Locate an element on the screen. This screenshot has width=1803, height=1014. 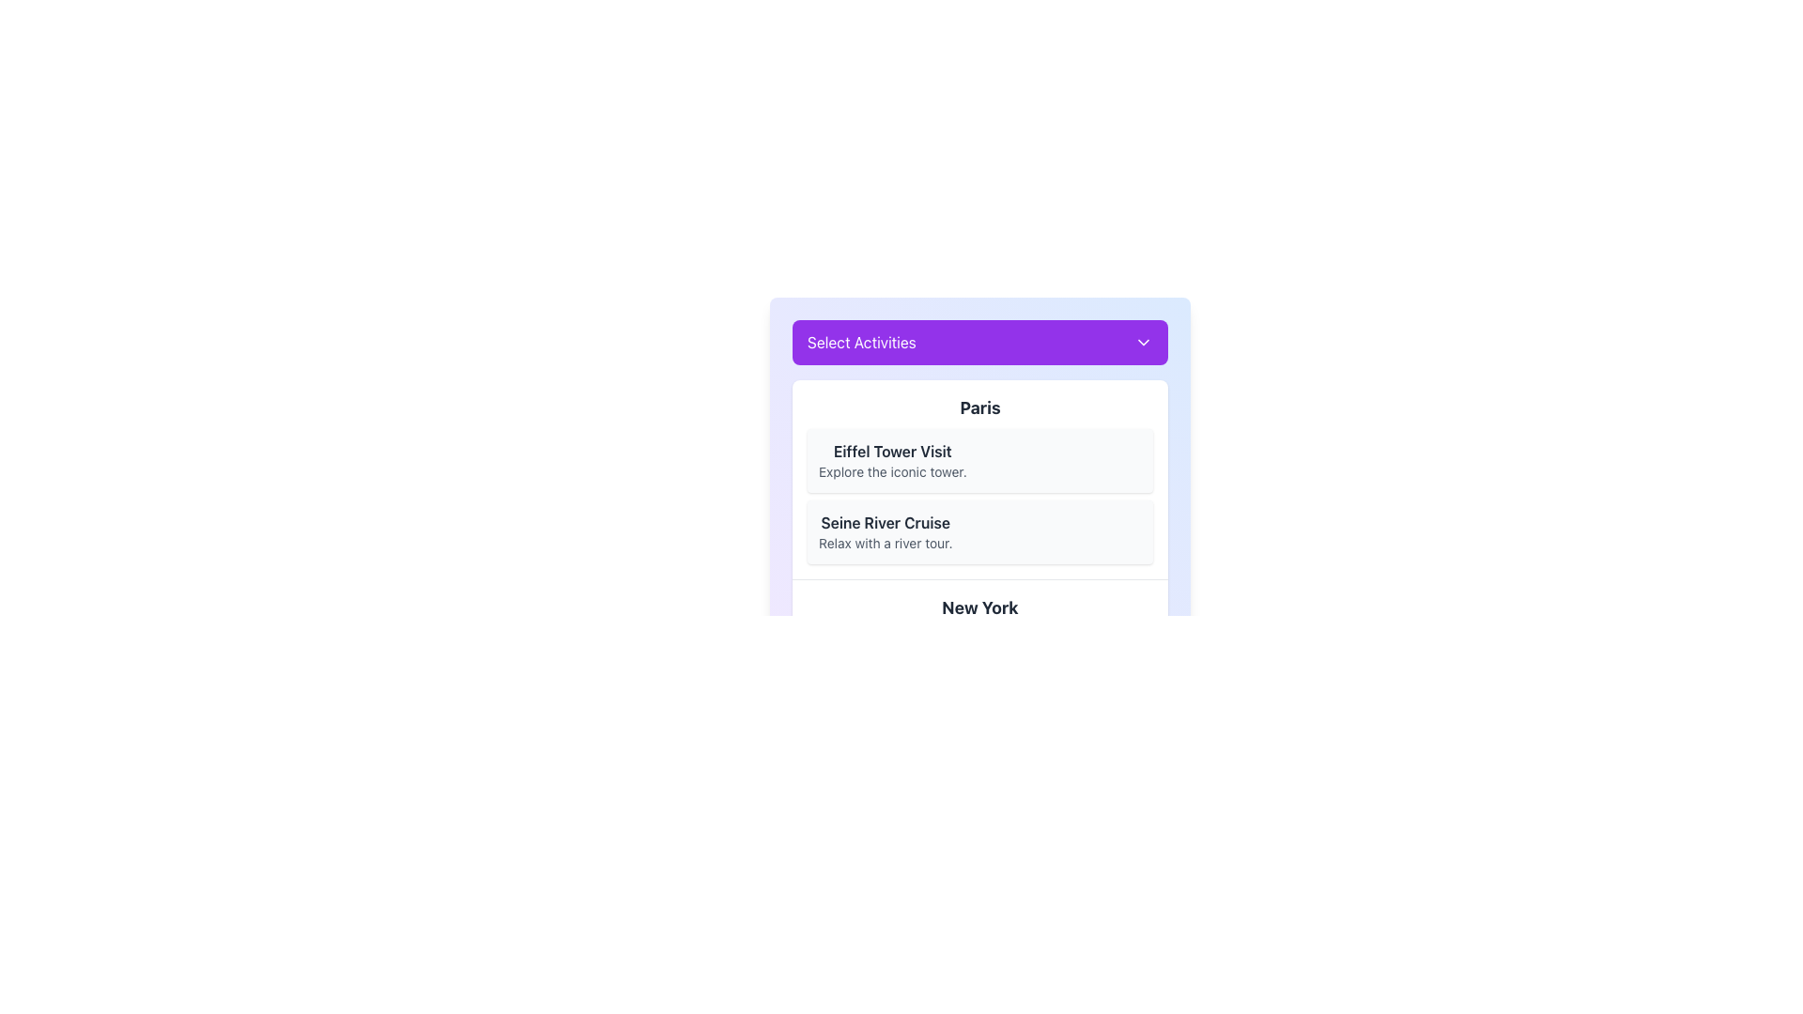
the text label that reads 'Explore the iconic tower.' which is positioned beneath the 'Eiffel Tower Visit' label in the 'Paris' section is located at coordinates (891, 470).